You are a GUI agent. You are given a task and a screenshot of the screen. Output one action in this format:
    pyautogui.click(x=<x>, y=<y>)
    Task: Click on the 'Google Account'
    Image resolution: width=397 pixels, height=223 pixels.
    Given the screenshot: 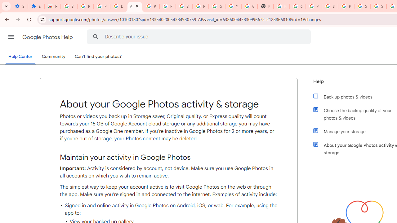 What is the action you would take?
    pyautogui.click(x=217, y=6)
    